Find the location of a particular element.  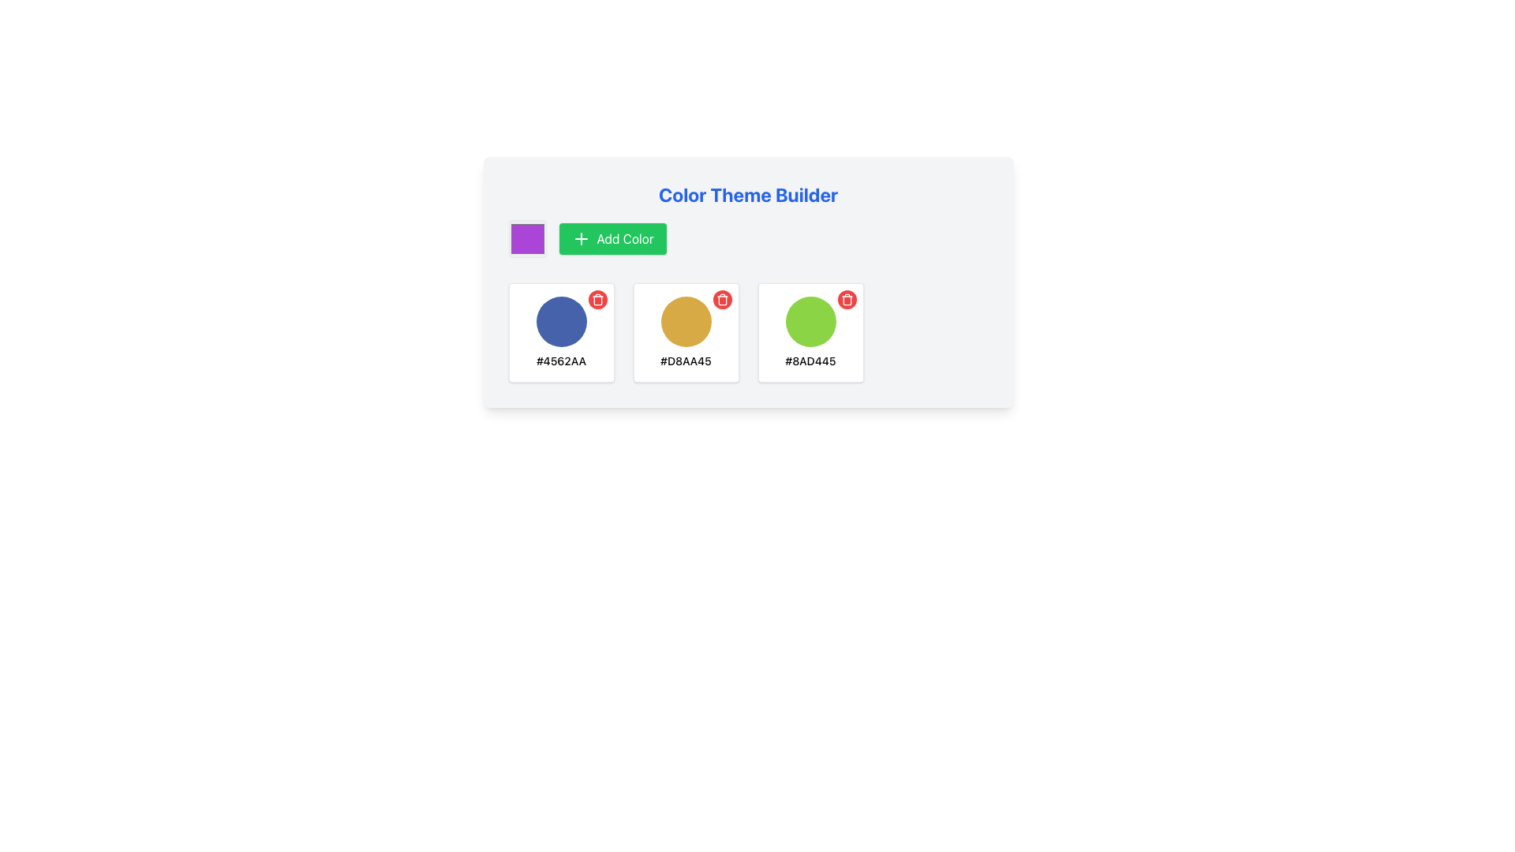

the delete icon located inside the circular red button at the top-right corner of the green color card labeled '#8AD445' is located at coordinates (846, 300).